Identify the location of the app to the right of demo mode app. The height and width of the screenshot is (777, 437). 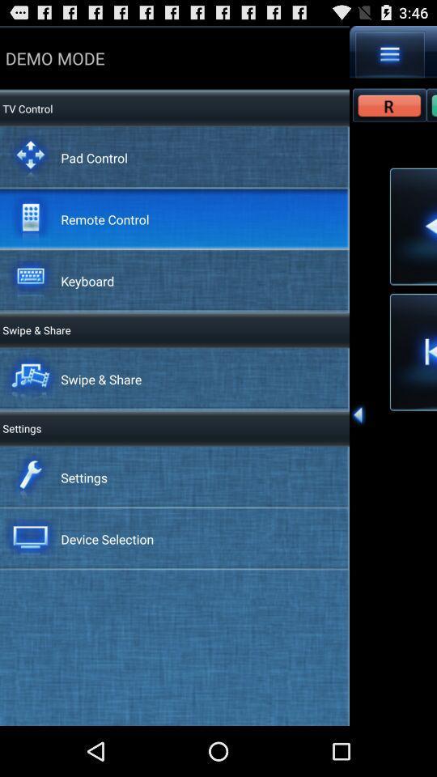
(389, 54).